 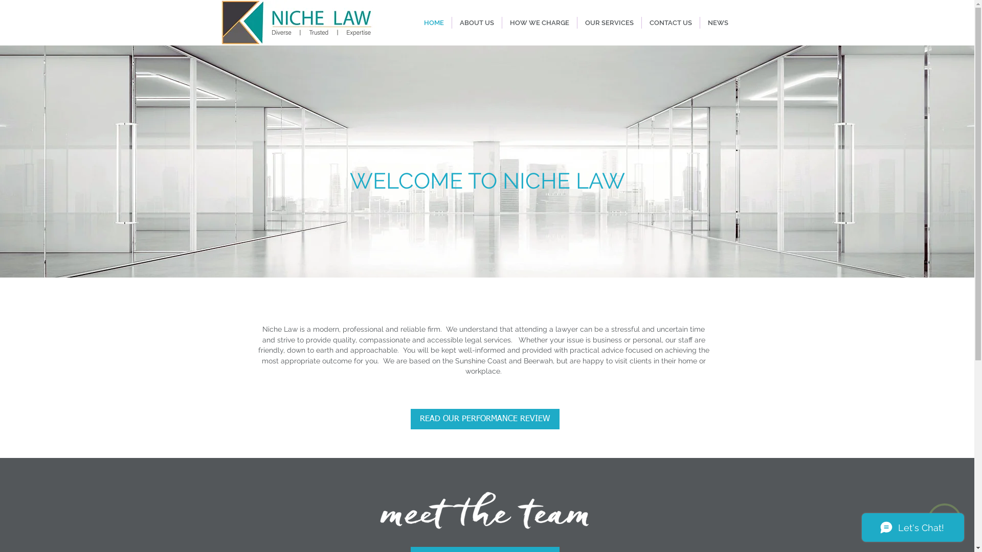 I want to click on 'CONTACT US', so click(x=670, y=22).